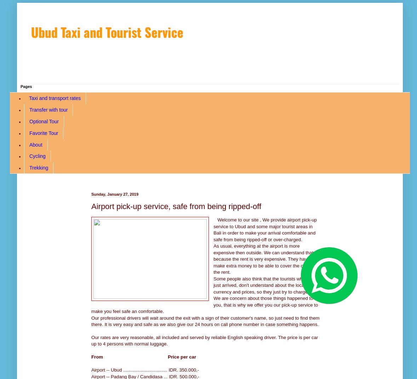 This screenshot has width=417, height=379. I want to click on 'Optional Tour', so click(44, 121).